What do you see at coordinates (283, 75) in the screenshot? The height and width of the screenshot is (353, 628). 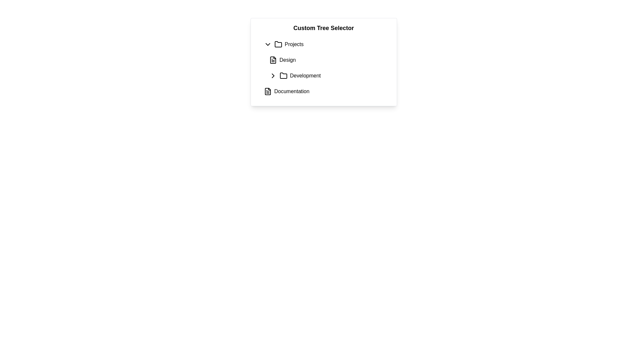 I see `the folder icon located within the 'Development' section of the 'Custom Tree Selector' component` at bounding box center [283, 75].